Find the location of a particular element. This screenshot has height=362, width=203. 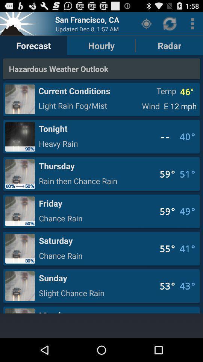

the refresh icon is located at coordinates (170, 25).